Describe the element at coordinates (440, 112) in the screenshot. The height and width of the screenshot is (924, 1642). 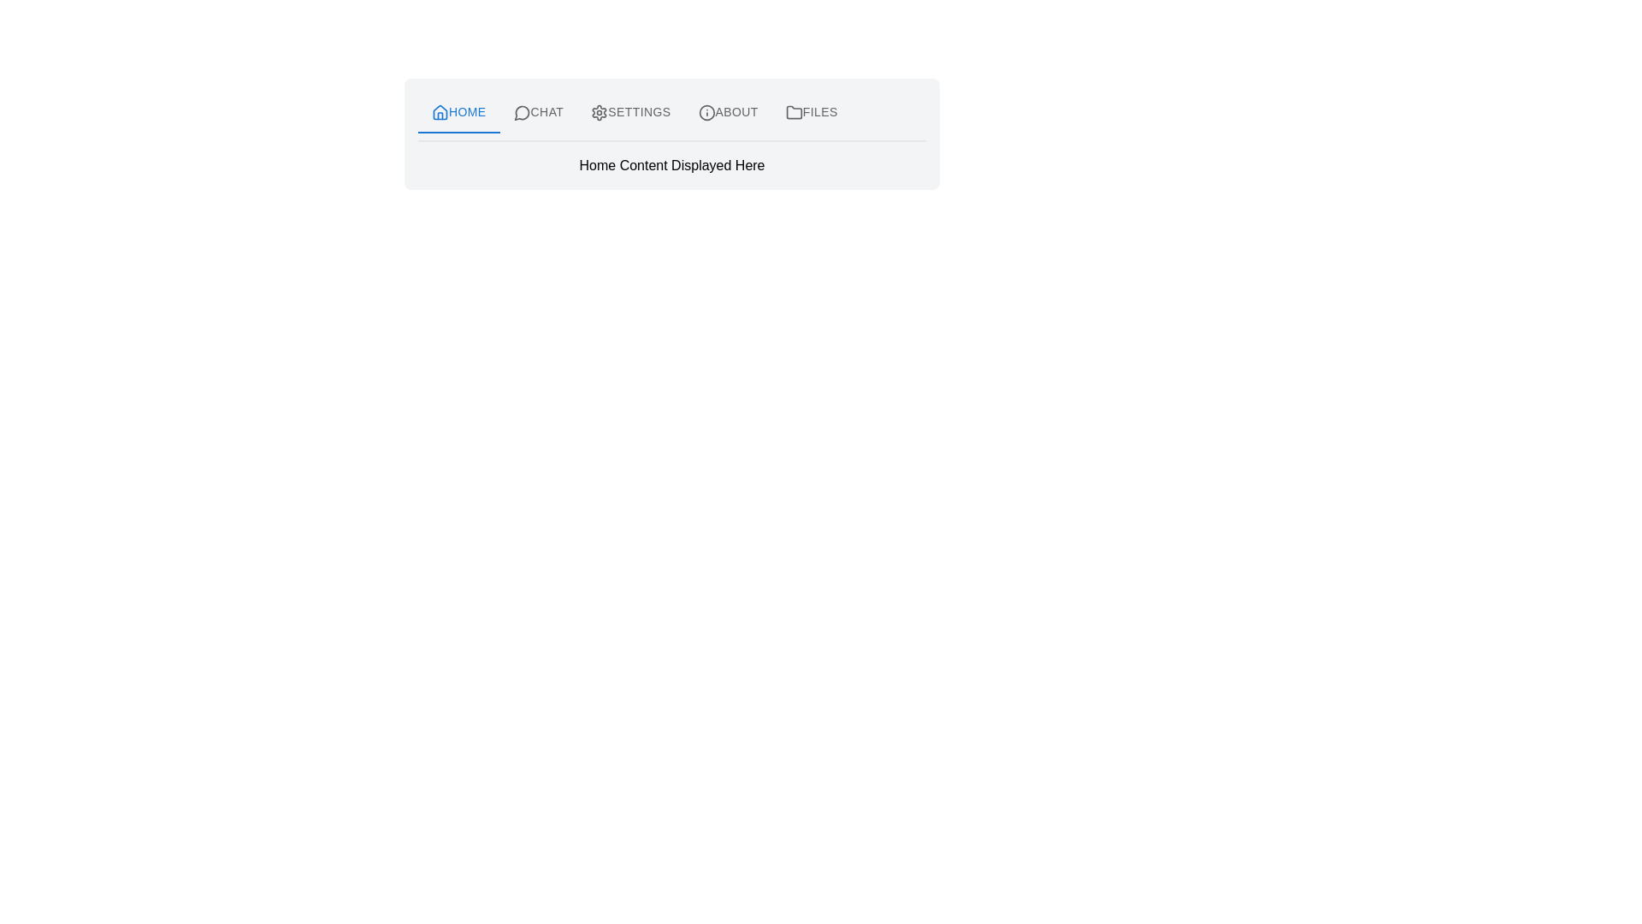
I see `the house-shaped icon with rounded edges, which is located adjacent to the 'Home' label in the navigation bar` at that location.